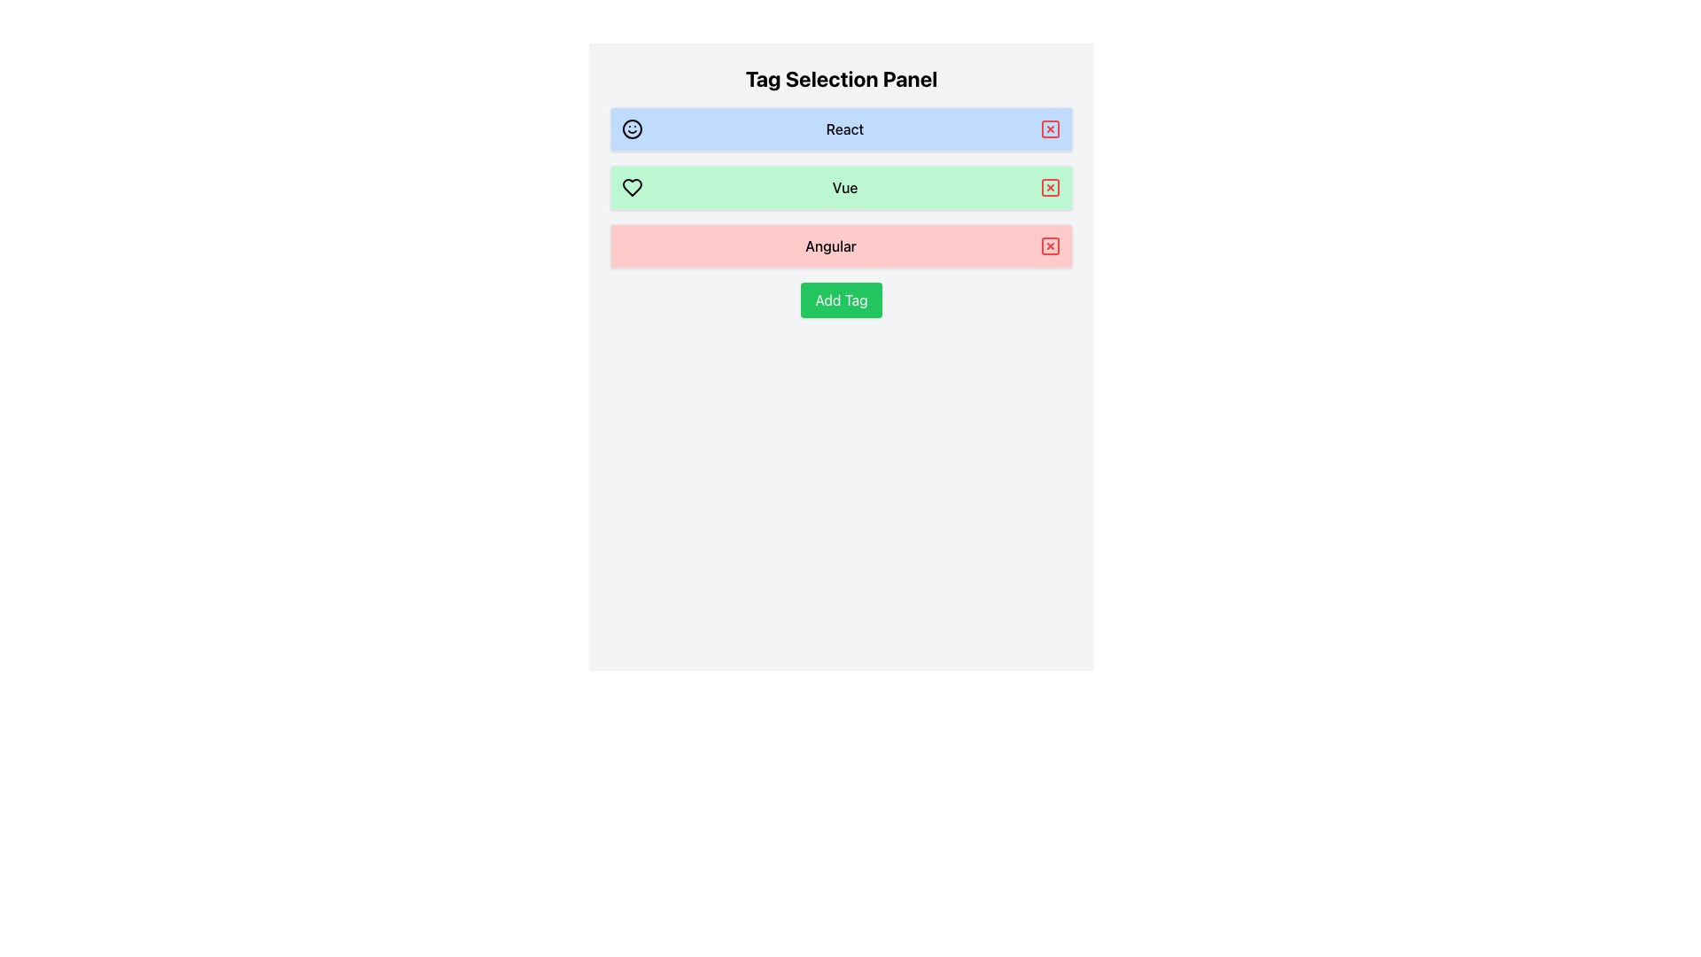 Image resolution: width=1701 pixels, height=957 pixels. Describe the element at coordinates (1050, 245) in the screenshot. I see `the interactive close/delete icon located within the red-bordered button on the right side of the Angular tag entry in the third row of the Tag Selection Panel` at that location.